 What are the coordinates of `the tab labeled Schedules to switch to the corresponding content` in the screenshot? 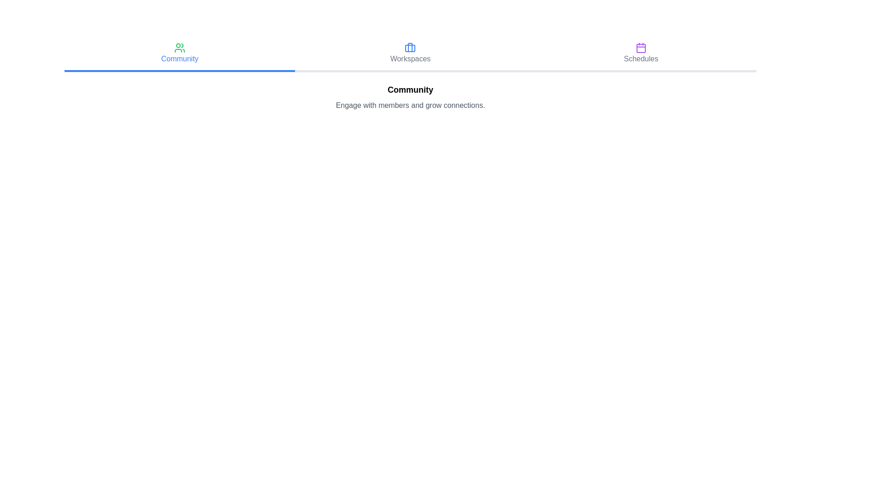 It's located at (640, 54).